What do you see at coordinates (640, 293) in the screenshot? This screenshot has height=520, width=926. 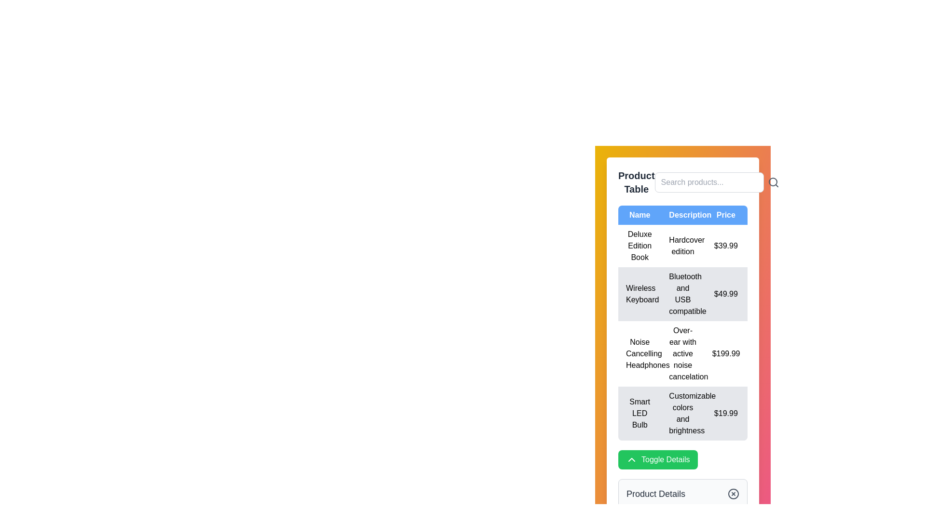 I see `the Text Label displaying 'Wireless Keyboard', which is styled in a sans-serif font on a light gray background and is located in the 'Name' column of the 'Product Table'` at bounding box center [640, 293].